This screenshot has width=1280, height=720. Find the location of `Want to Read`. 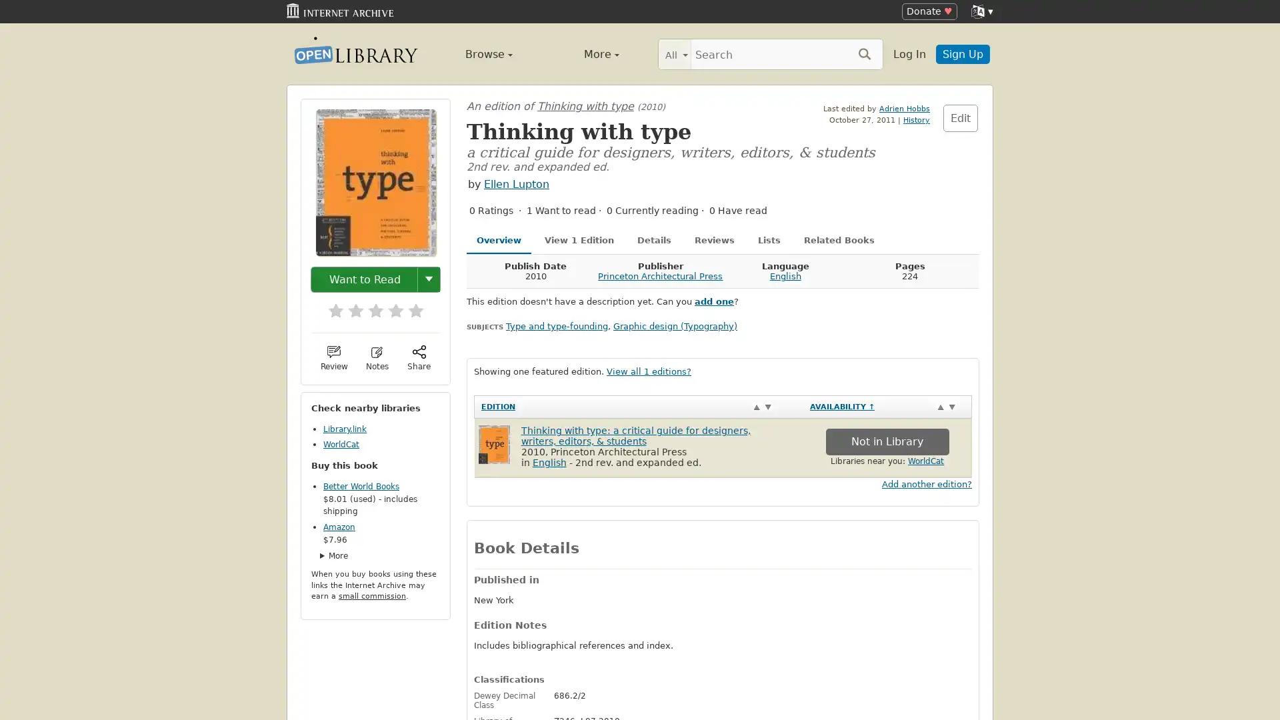

Want to Read is located at coordinates (365, 278).